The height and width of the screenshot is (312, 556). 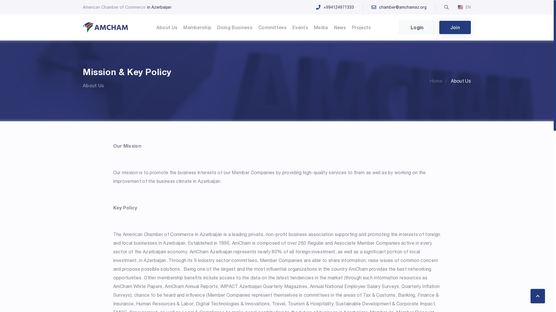 I want to click on 'About Us', so click(x=450, y=81).